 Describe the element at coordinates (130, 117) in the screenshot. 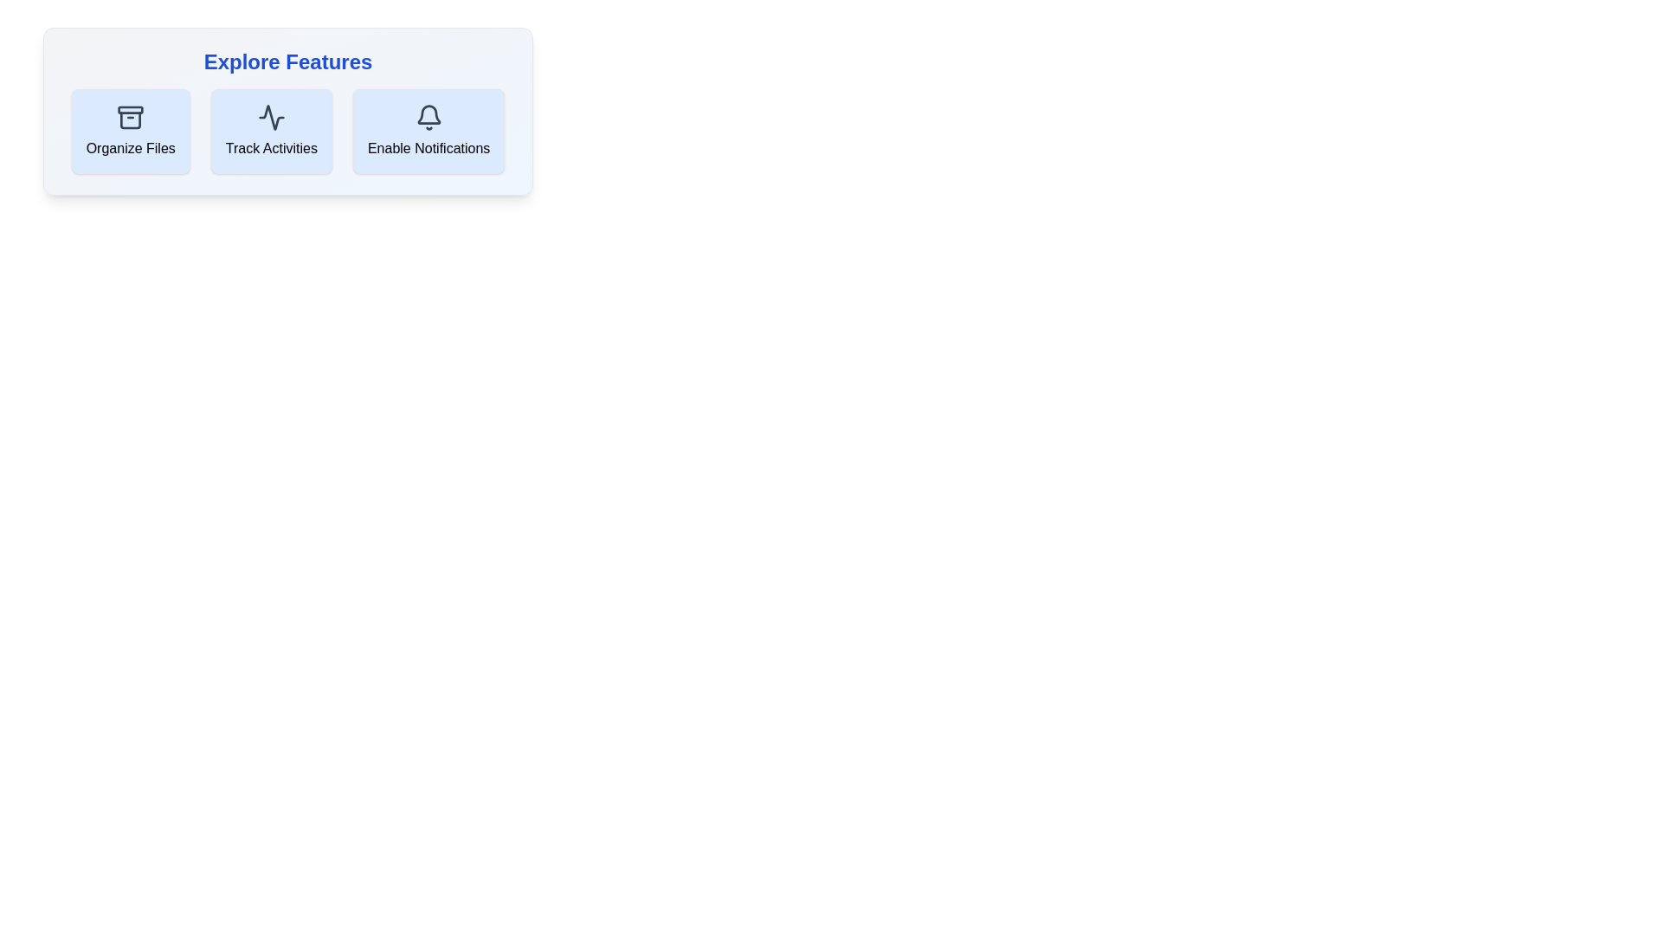

I see `the top-centered icon inside the 'Organize Files' panel, which represents an action related to organizing files` at that location.